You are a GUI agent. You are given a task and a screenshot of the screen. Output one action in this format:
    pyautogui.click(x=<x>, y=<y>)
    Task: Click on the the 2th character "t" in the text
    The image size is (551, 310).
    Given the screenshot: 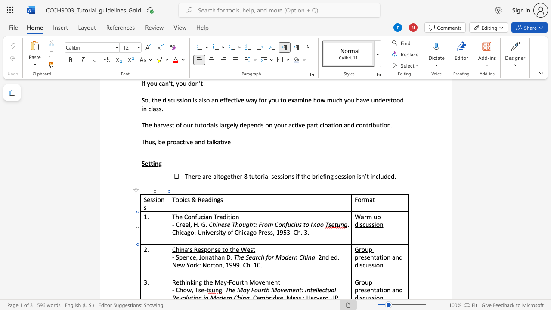 What is the action you would take?
    pyautogui.click(x=304, y=224)
    